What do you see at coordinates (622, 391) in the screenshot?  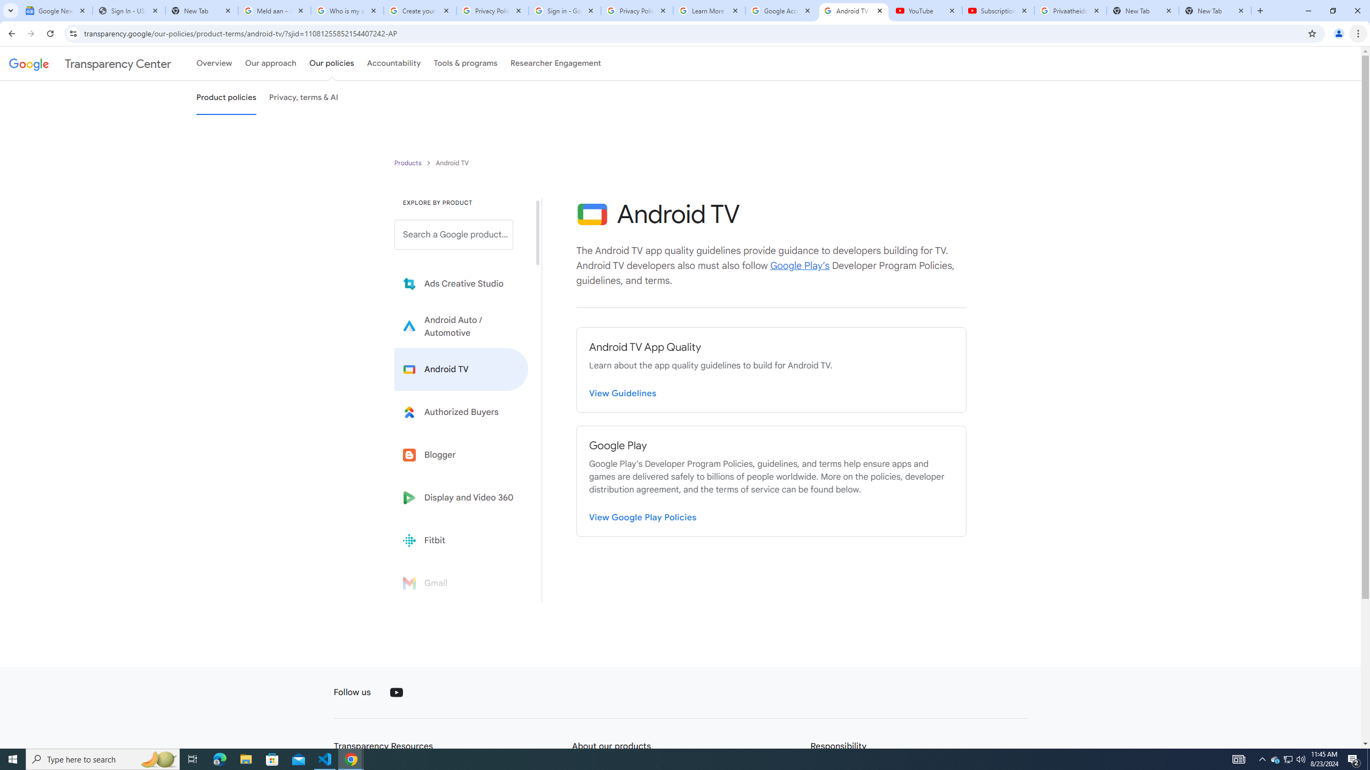 I see `'View Guidelines'` at bounding box center [622, 391].